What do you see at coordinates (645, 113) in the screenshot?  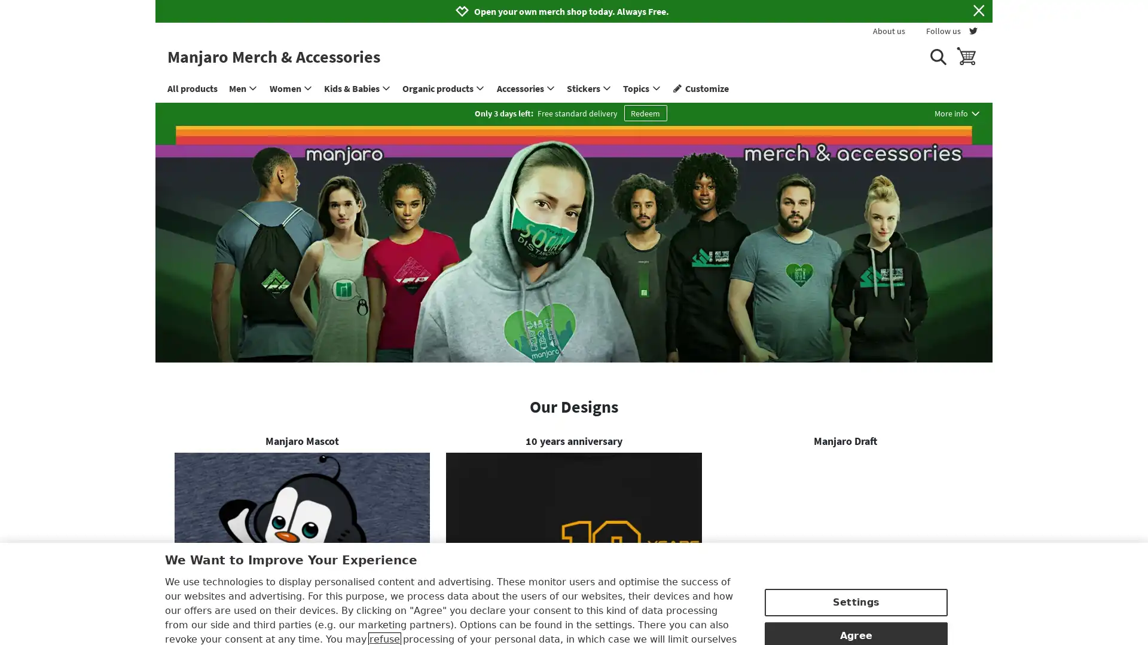 I see `Redeem` at bounding box center [645, 113].